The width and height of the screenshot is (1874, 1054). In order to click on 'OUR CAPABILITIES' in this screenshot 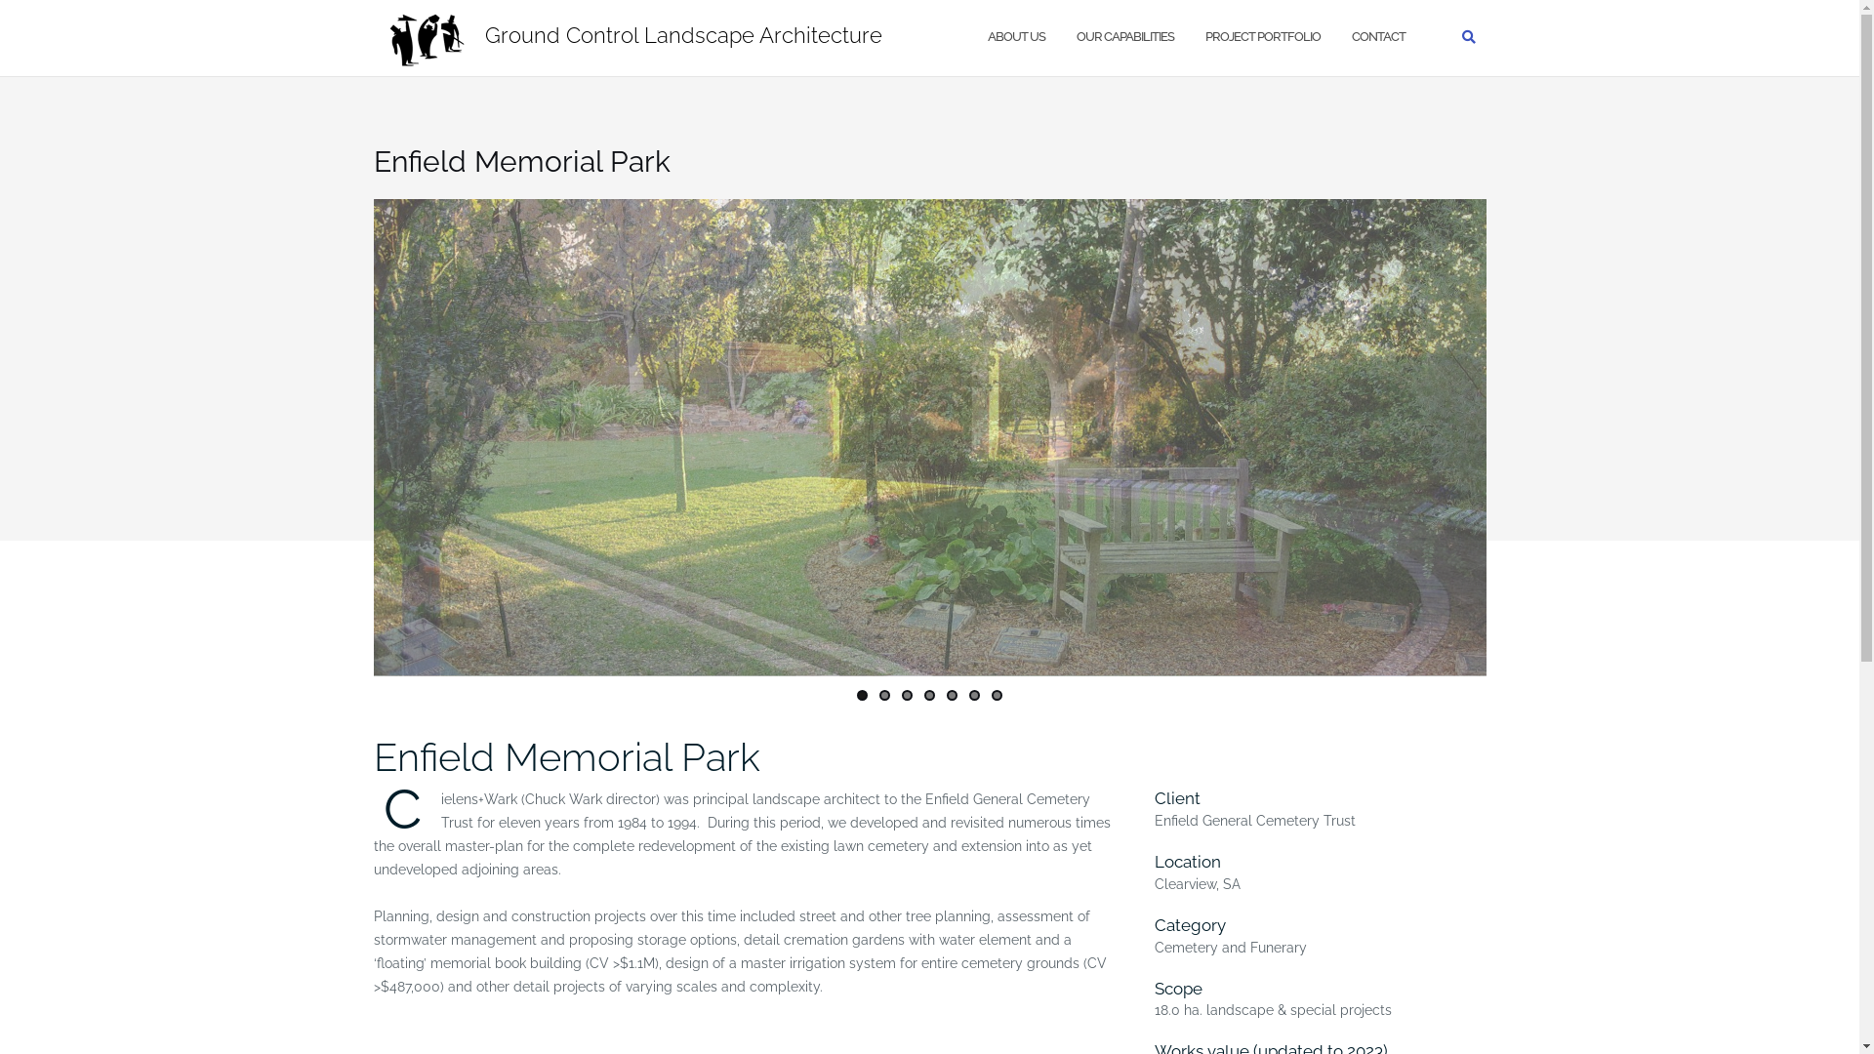, I will do `click(1075, 37)`.